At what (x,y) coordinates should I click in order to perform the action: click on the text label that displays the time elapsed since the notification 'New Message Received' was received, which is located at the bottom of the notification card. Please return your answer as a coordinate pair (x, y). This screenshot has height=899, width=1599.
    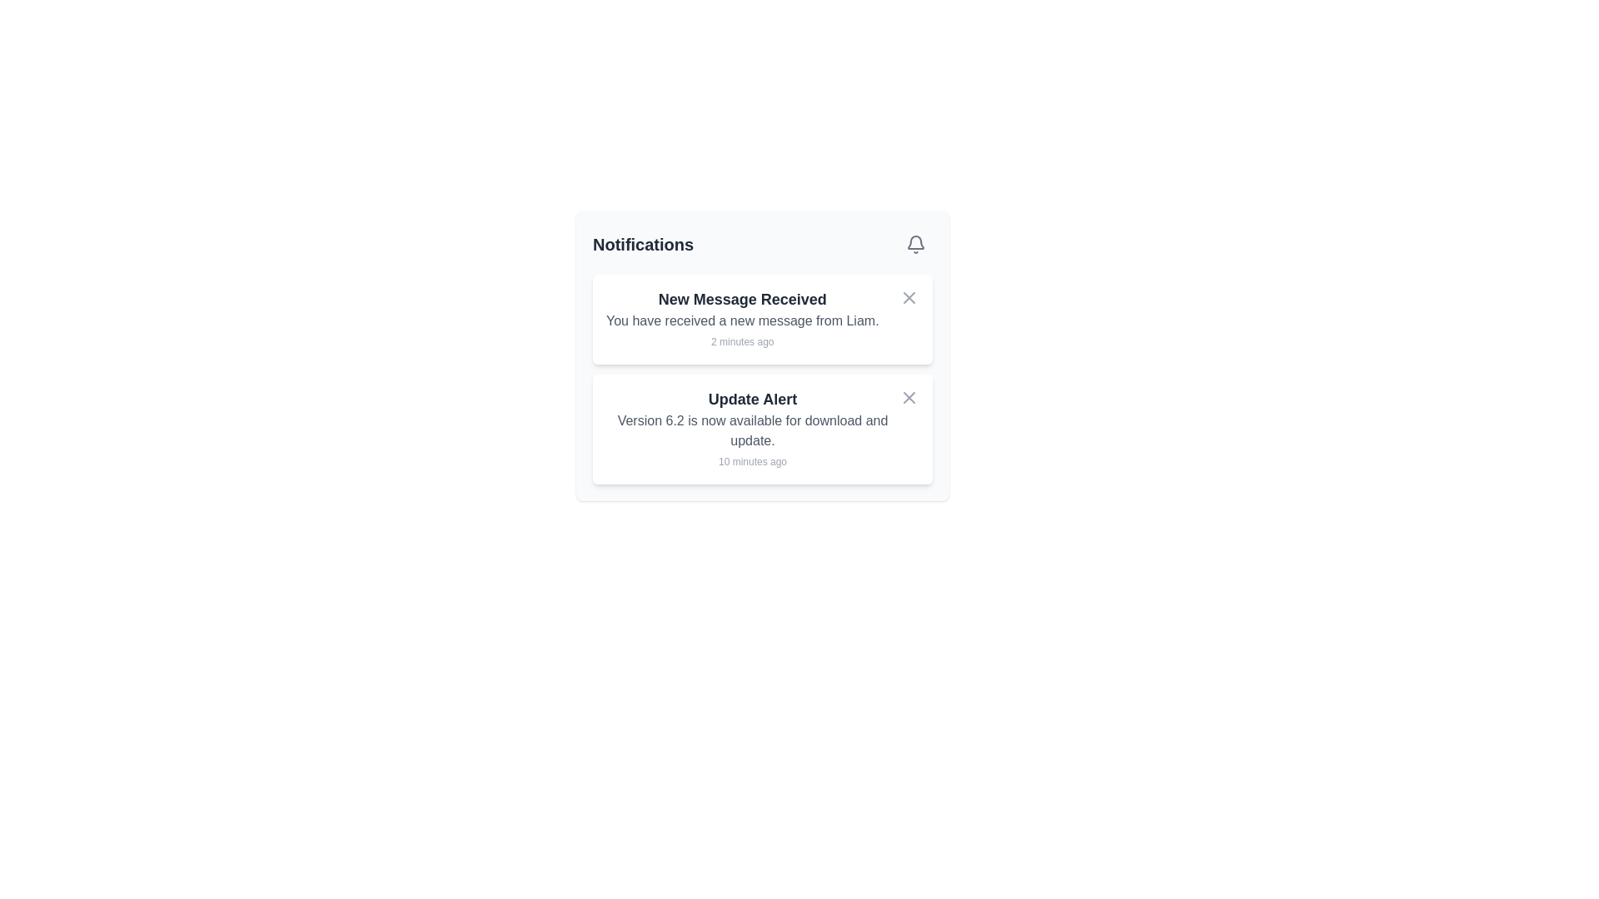
    Looking at the image, I should click on (741, 341).